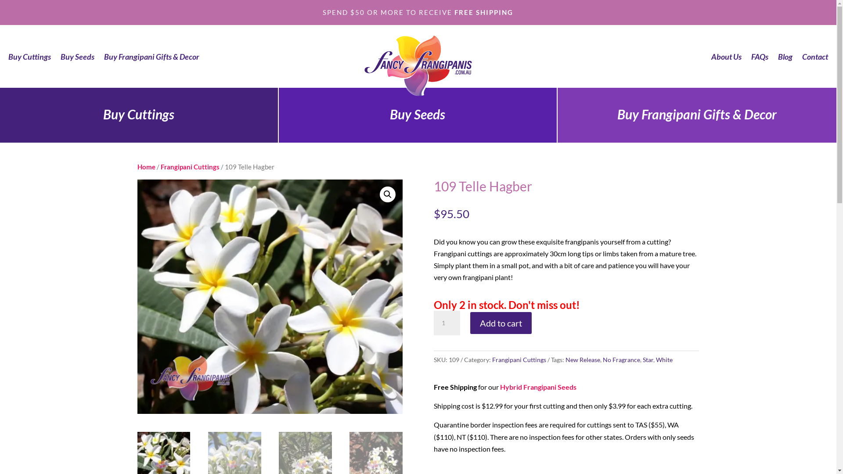 The height and width of the screenshot is (474, 843). What do you see at coordinates (621, 359) in the screenshot?
I see `'No Fragrance'` at bounding box center [621, 359].